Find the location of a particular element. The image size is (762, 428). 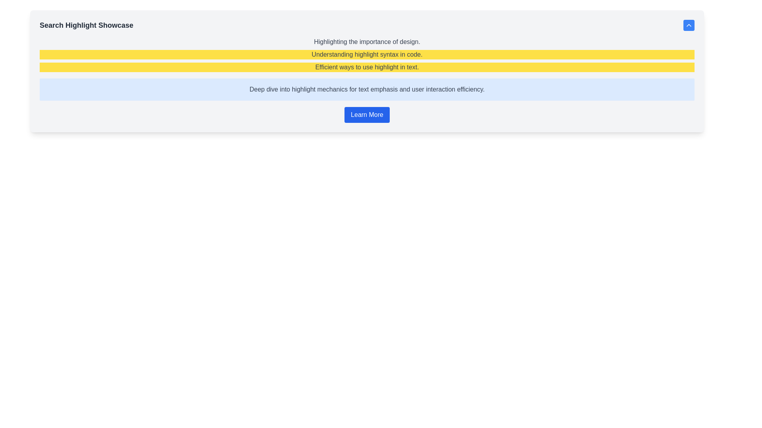

the Text Display element that serves as a title or header for the interface section, indicating the topic or purpose of the content below is located at coordinates (87, 25).